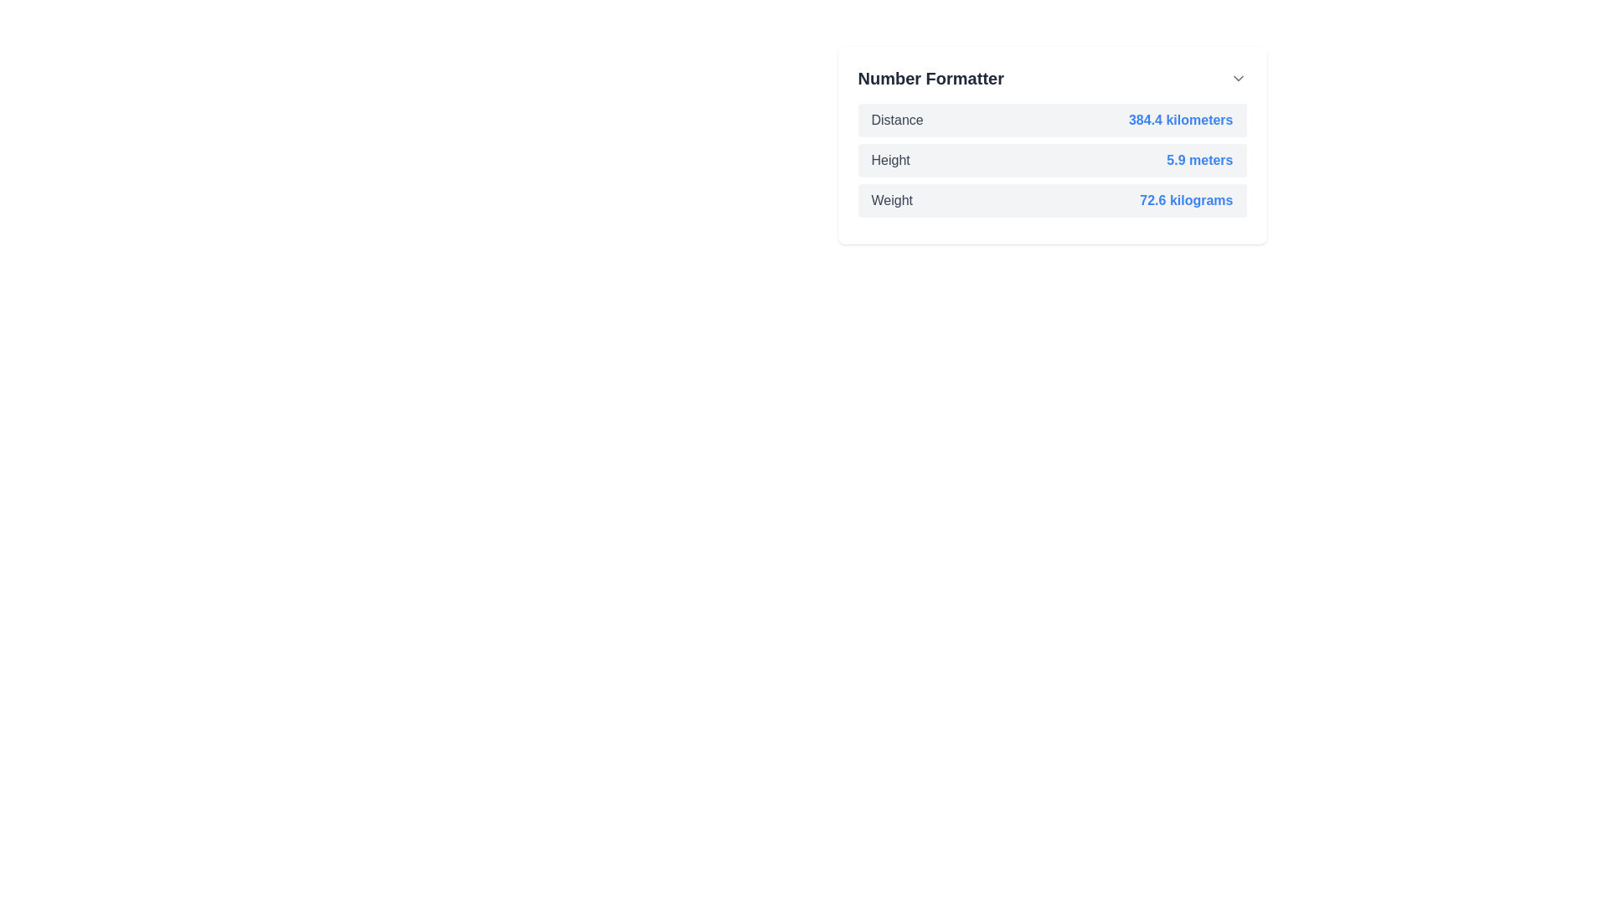 The width and height of the screenshot is (1608, 904). I want to click on the text label displaying 'Weight' in a medium, dark-gray font, which is positioned on a light-gray background and is left-aligned next to '72.6 kilograms', so click(891, 199).